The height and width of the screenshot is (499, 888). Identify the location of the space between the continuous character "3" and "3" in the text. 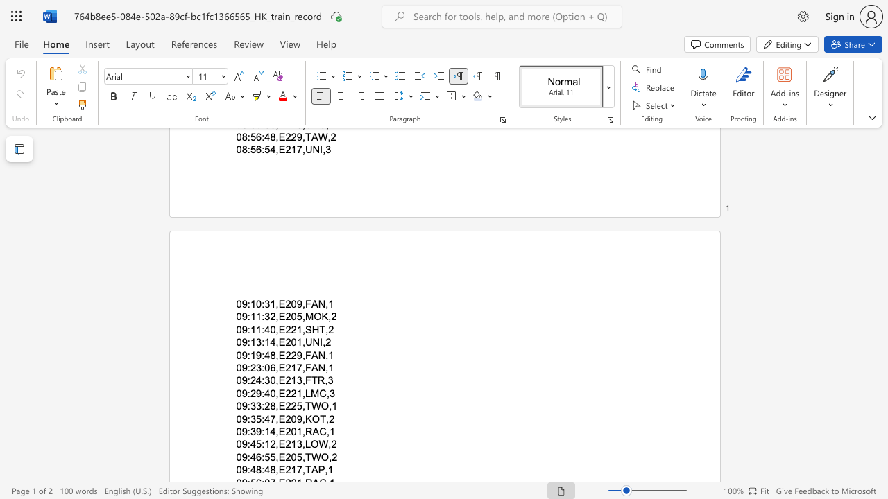
(256, 405).